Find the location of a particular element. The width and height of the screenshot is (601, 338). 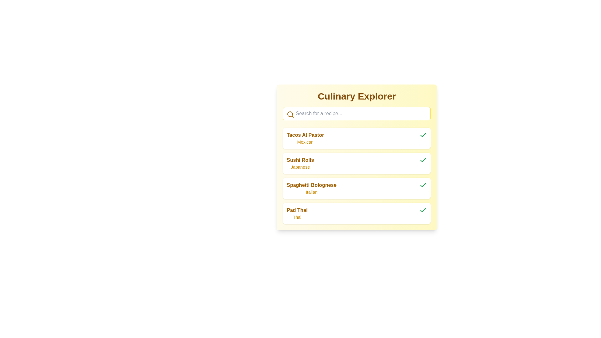

static label text for the fourth recipe item in the list located in the 'Culinary Explorer' interface, positioned above the smaller text 'Thai' is located at coordinates (297, 210).